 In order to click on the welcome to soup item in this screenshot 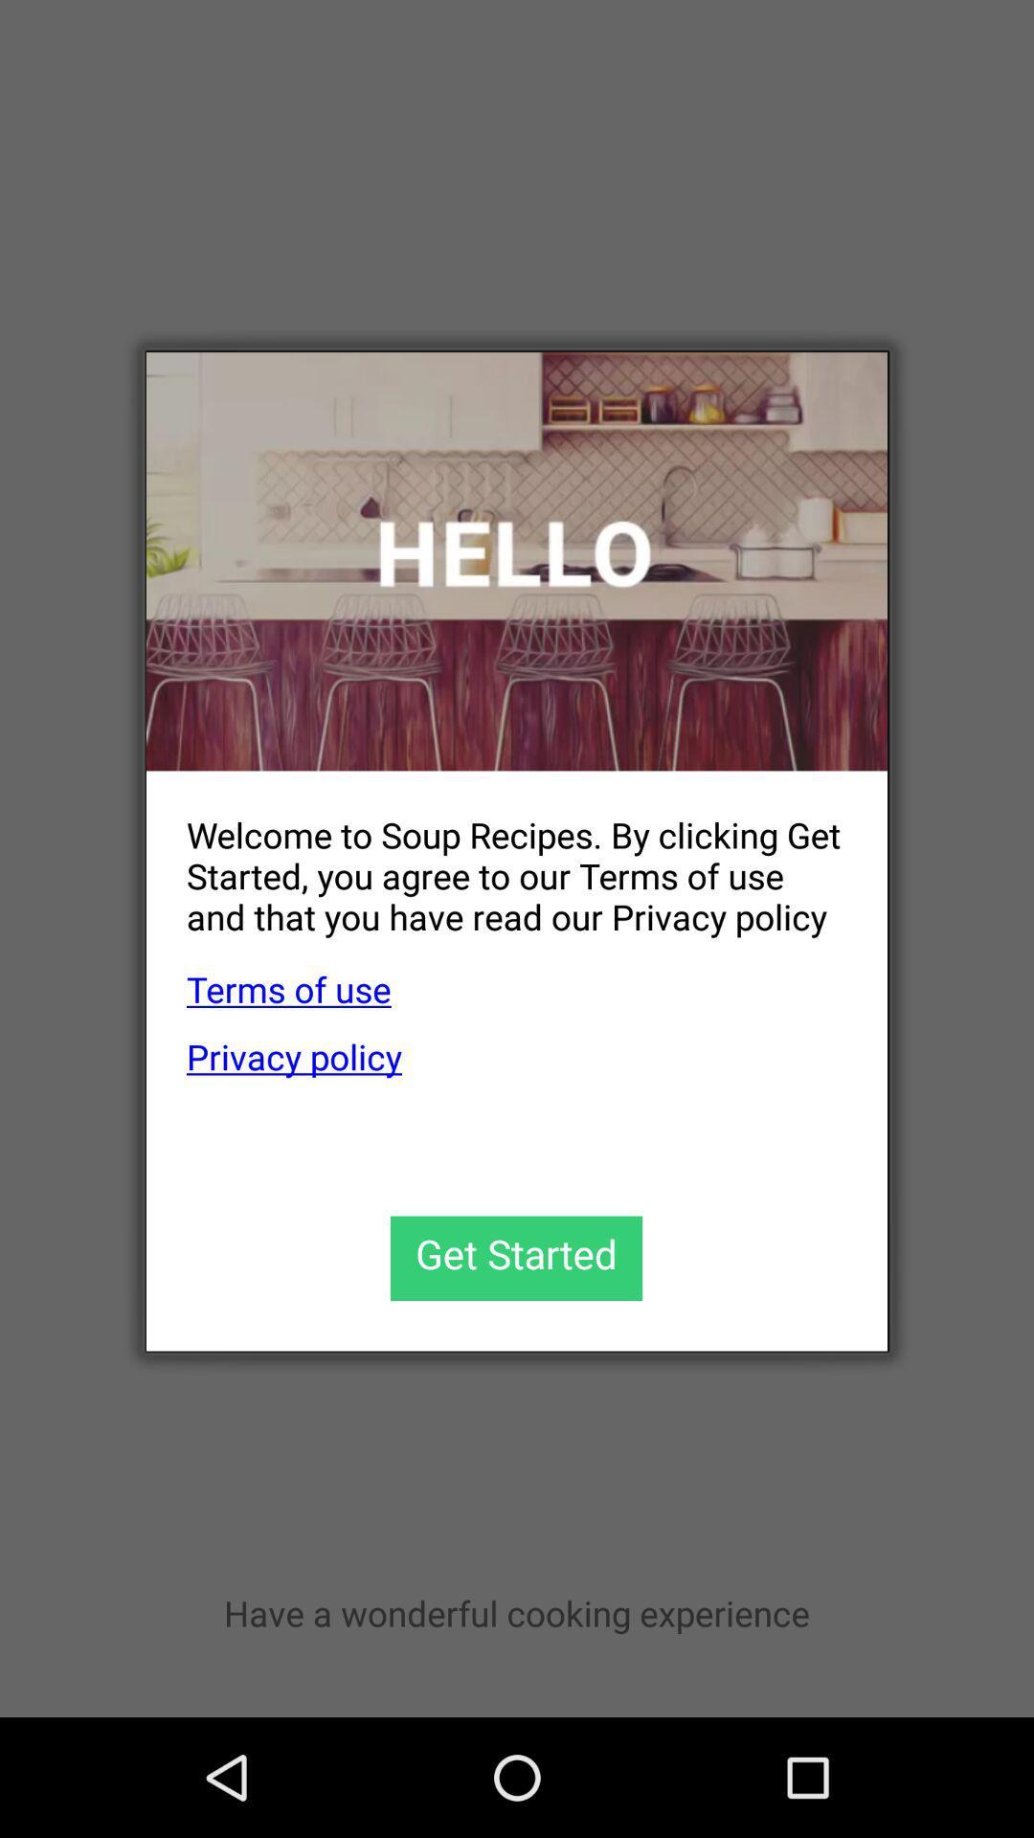, I will do `click(496, 860)`.